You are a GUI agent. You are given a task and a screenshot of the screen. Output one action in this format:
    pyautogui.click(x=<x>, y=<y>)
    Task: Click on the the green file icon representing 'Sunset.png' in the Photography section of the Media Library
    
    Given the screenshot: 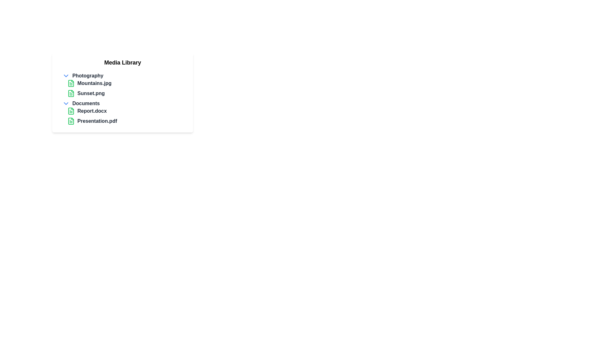 What is the action you would take?
    pyautogui.click(x=71, y=93)
    